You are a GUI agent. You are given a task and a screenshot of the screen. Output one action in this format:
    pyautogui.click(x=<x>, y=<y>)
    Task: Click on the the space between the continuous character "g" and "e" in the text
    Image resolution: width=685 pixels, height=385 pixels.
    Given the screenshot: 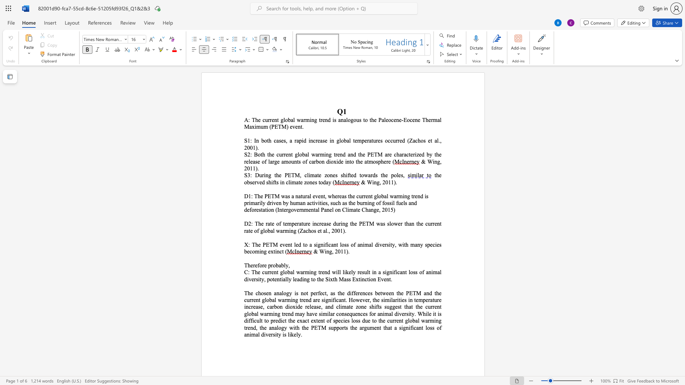 What is the action you would take?
    pyautogui.click(x=276, y=161)
    